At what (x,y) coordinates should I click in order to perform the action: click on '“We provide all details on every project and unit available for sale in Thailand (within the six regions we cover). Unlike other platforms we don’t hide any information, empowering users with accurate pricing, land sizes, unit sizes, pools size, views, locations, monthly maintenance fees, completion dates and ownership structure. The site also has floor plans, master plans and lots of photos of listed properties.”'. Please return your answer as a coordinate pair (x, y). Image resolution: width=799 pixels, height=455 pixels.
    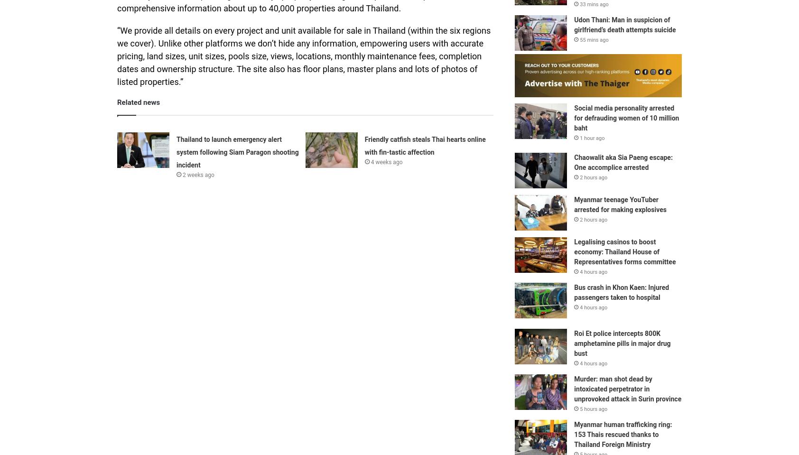
    Looking at the image, I should click on (304, 56).